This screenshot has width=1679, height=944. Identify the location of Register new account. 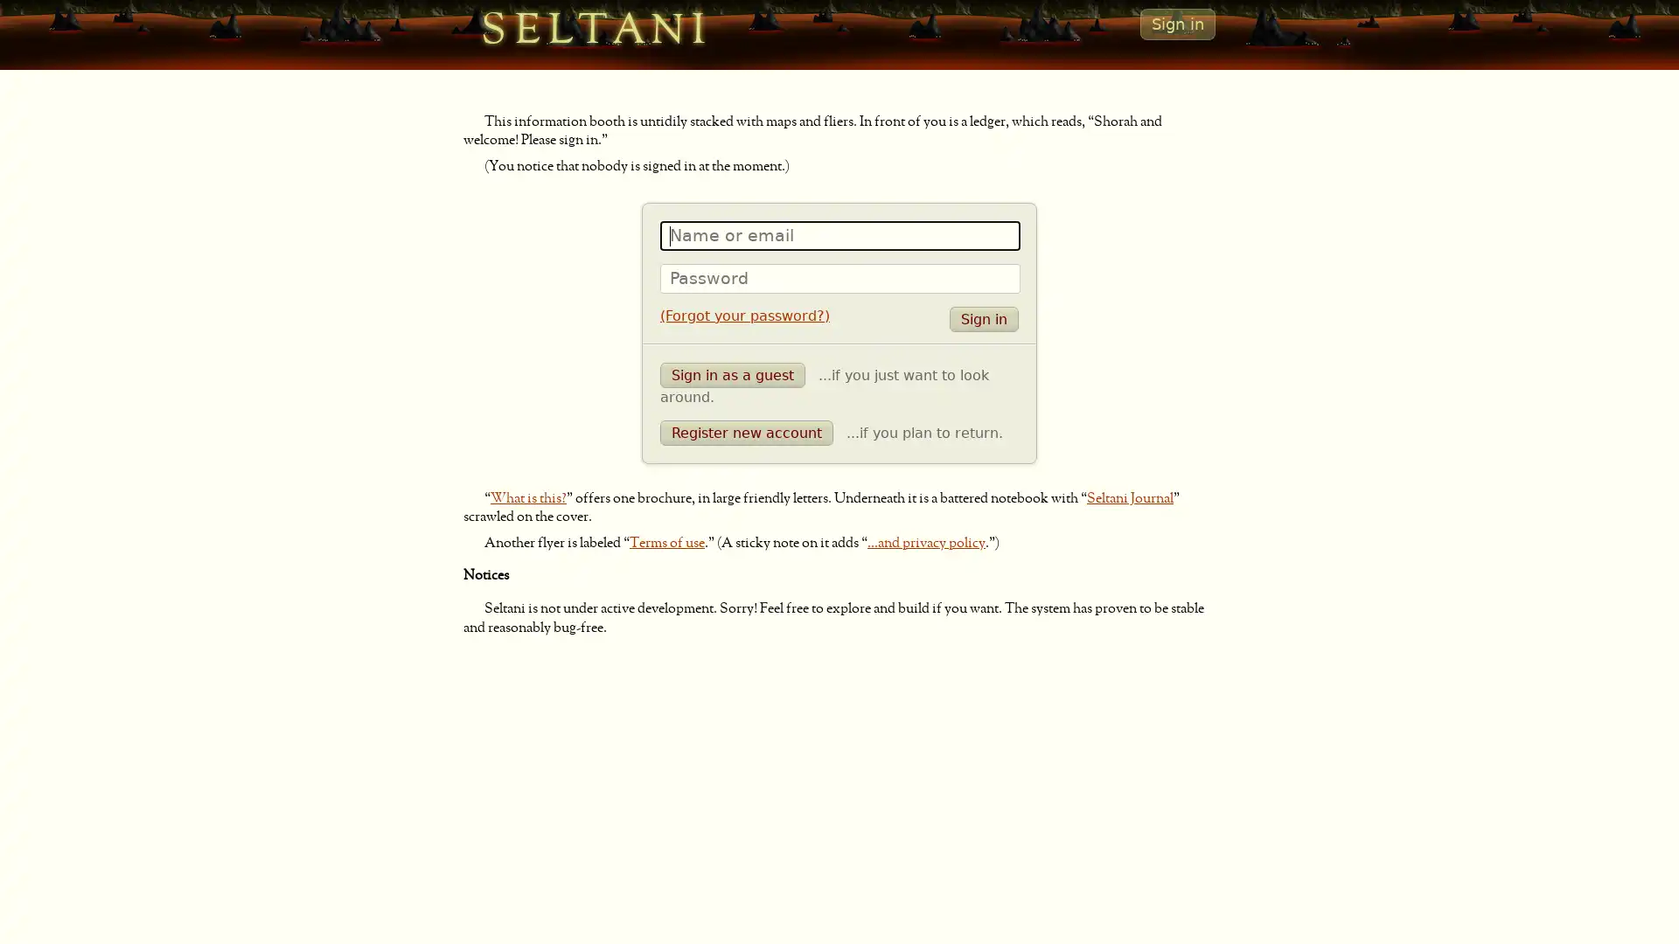
(747, 432).